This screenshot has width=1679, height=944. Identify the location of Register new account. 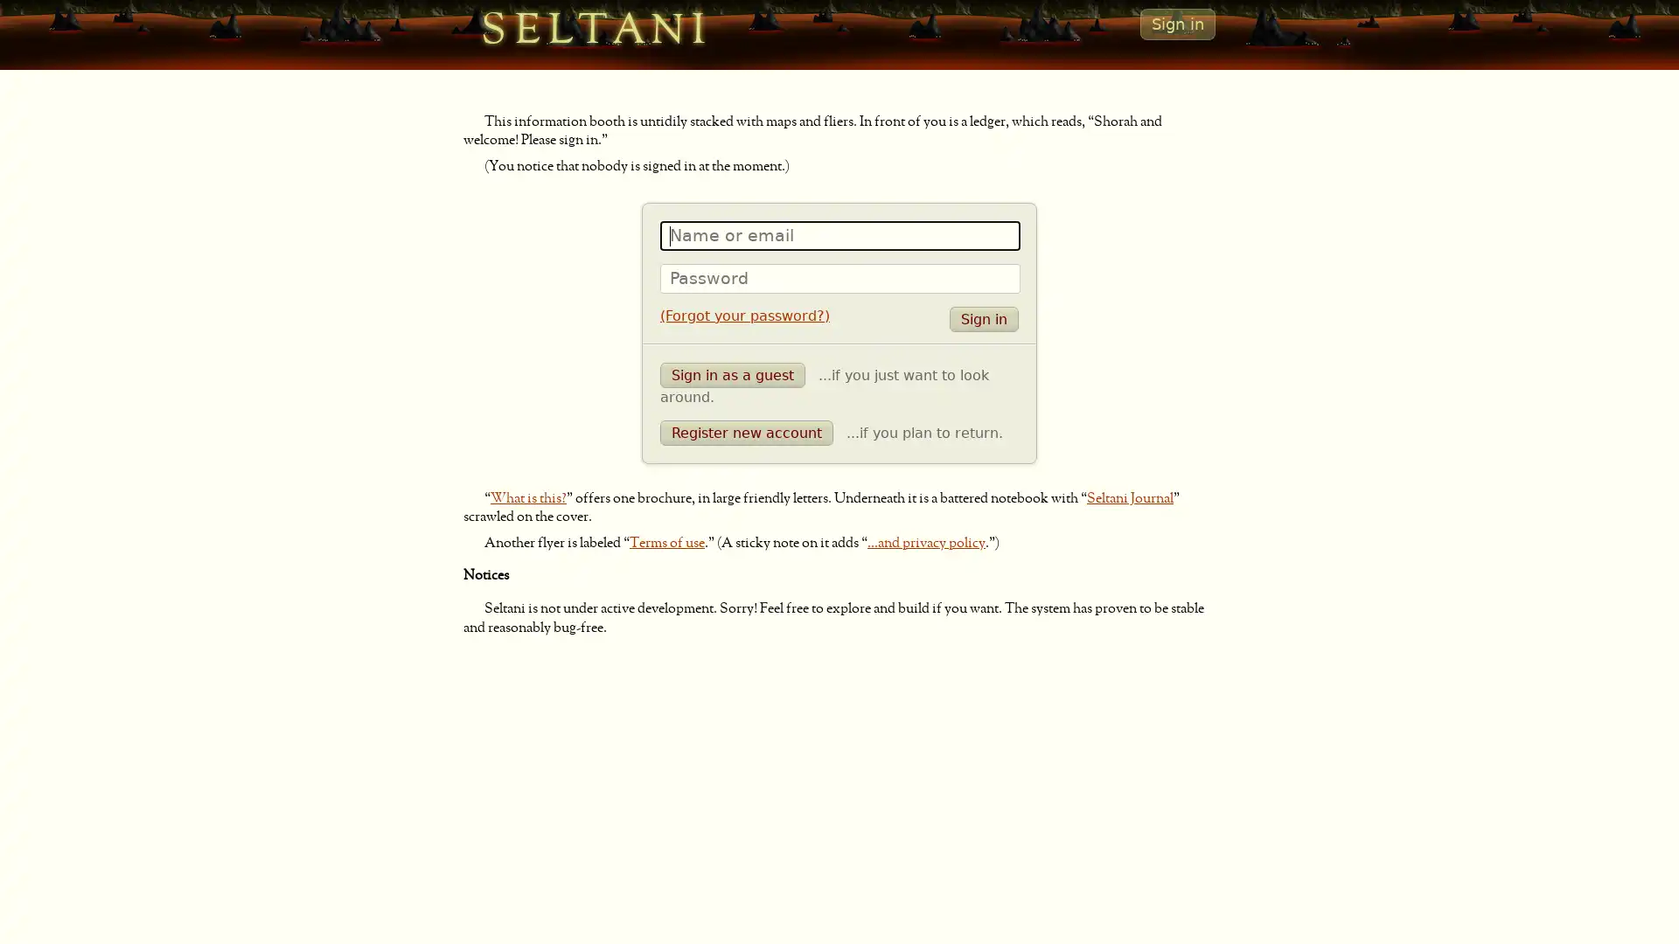
(747, 432).